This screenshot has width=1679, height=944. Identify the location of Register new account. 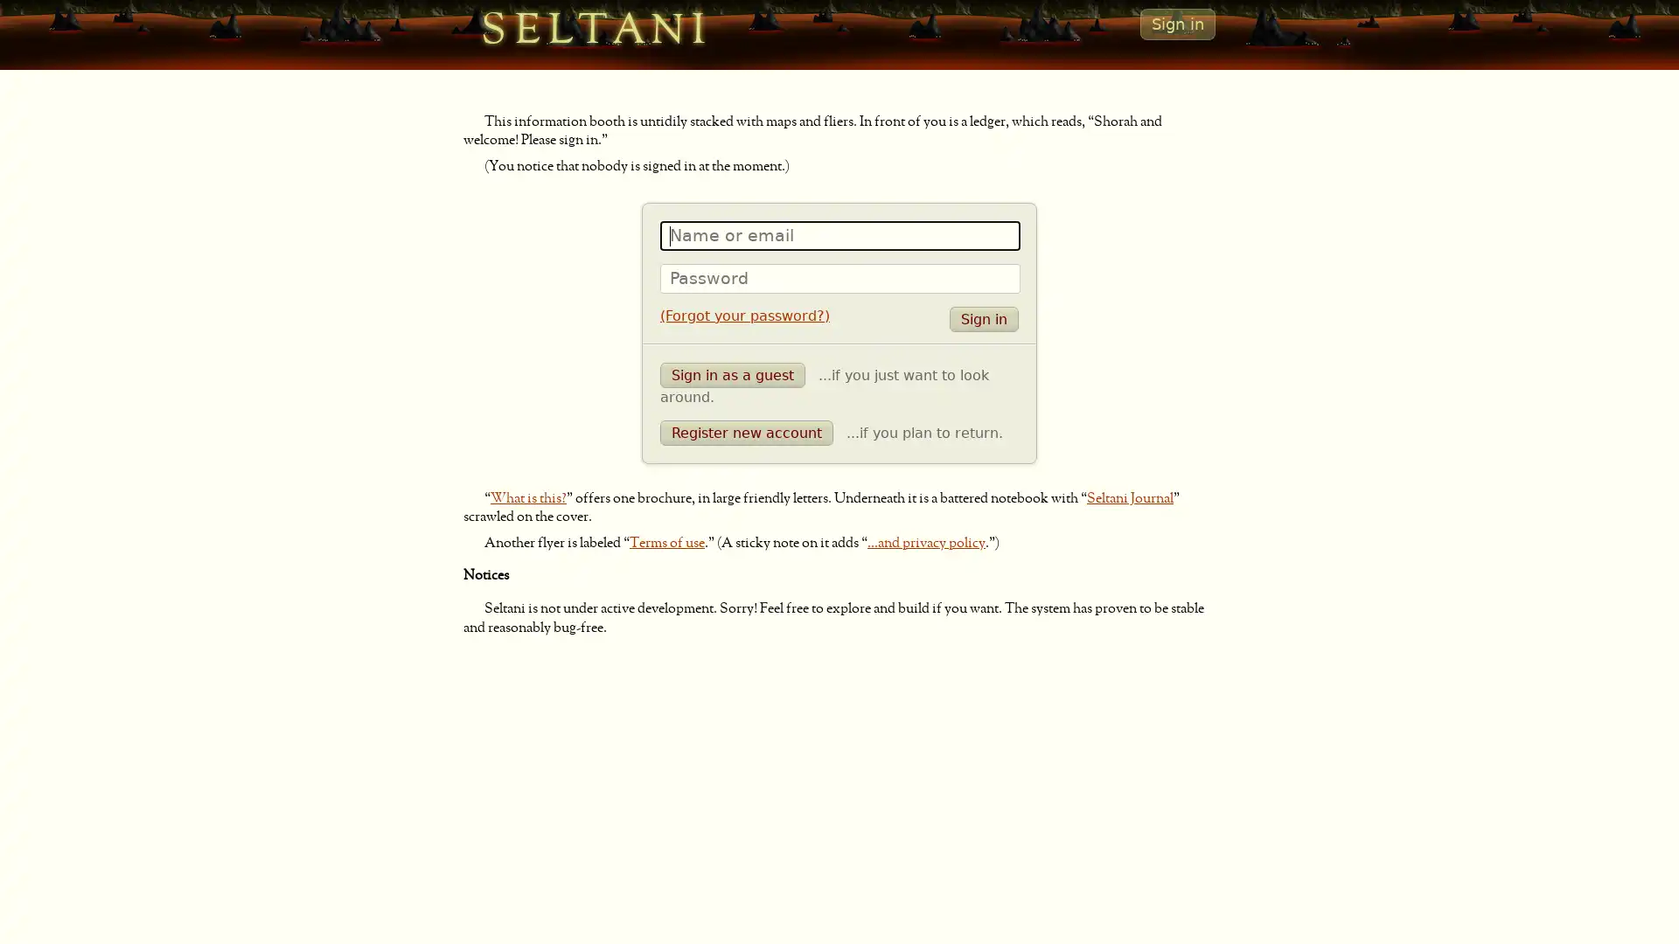
(747, 432).